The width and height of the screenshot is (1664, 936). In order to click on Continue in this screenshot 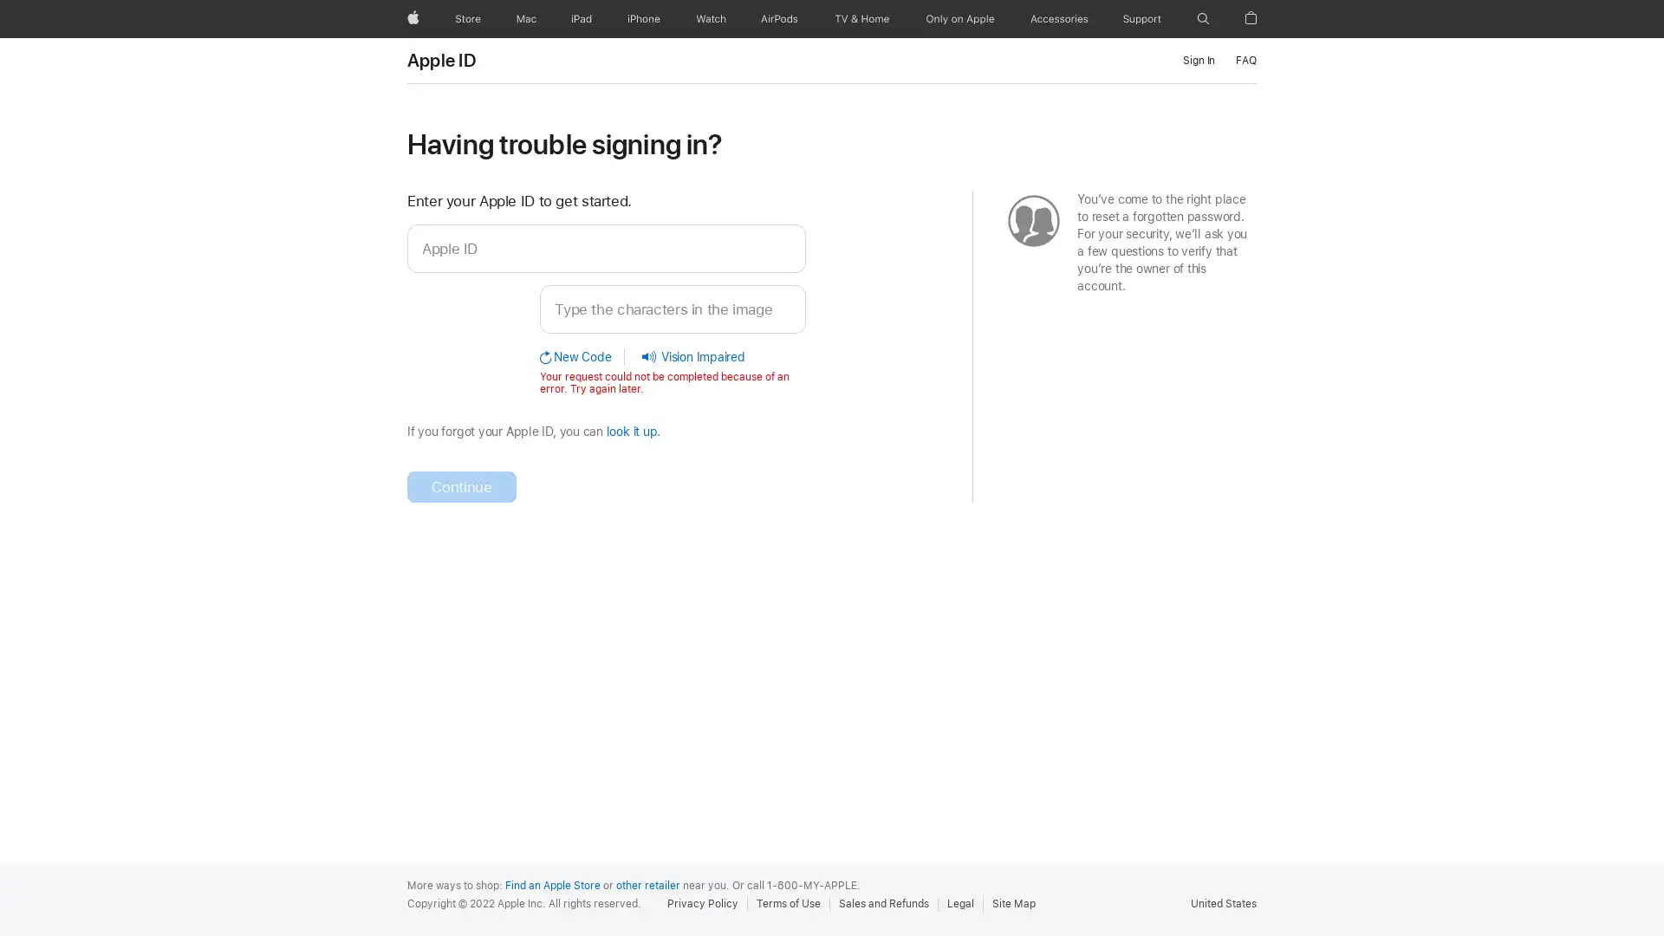, I will do `click(461, 485)`.